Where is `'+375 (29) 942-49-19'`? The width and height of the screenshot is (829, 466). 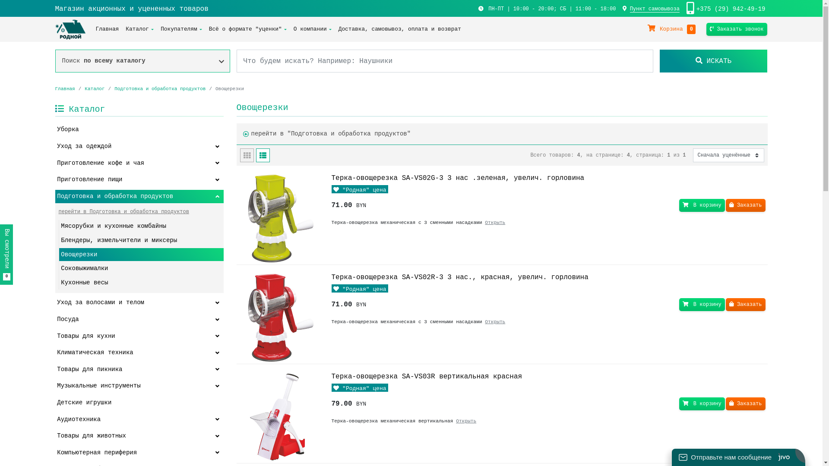
'+375 (29) 942-49-19' is located at coordinates (696, 8).